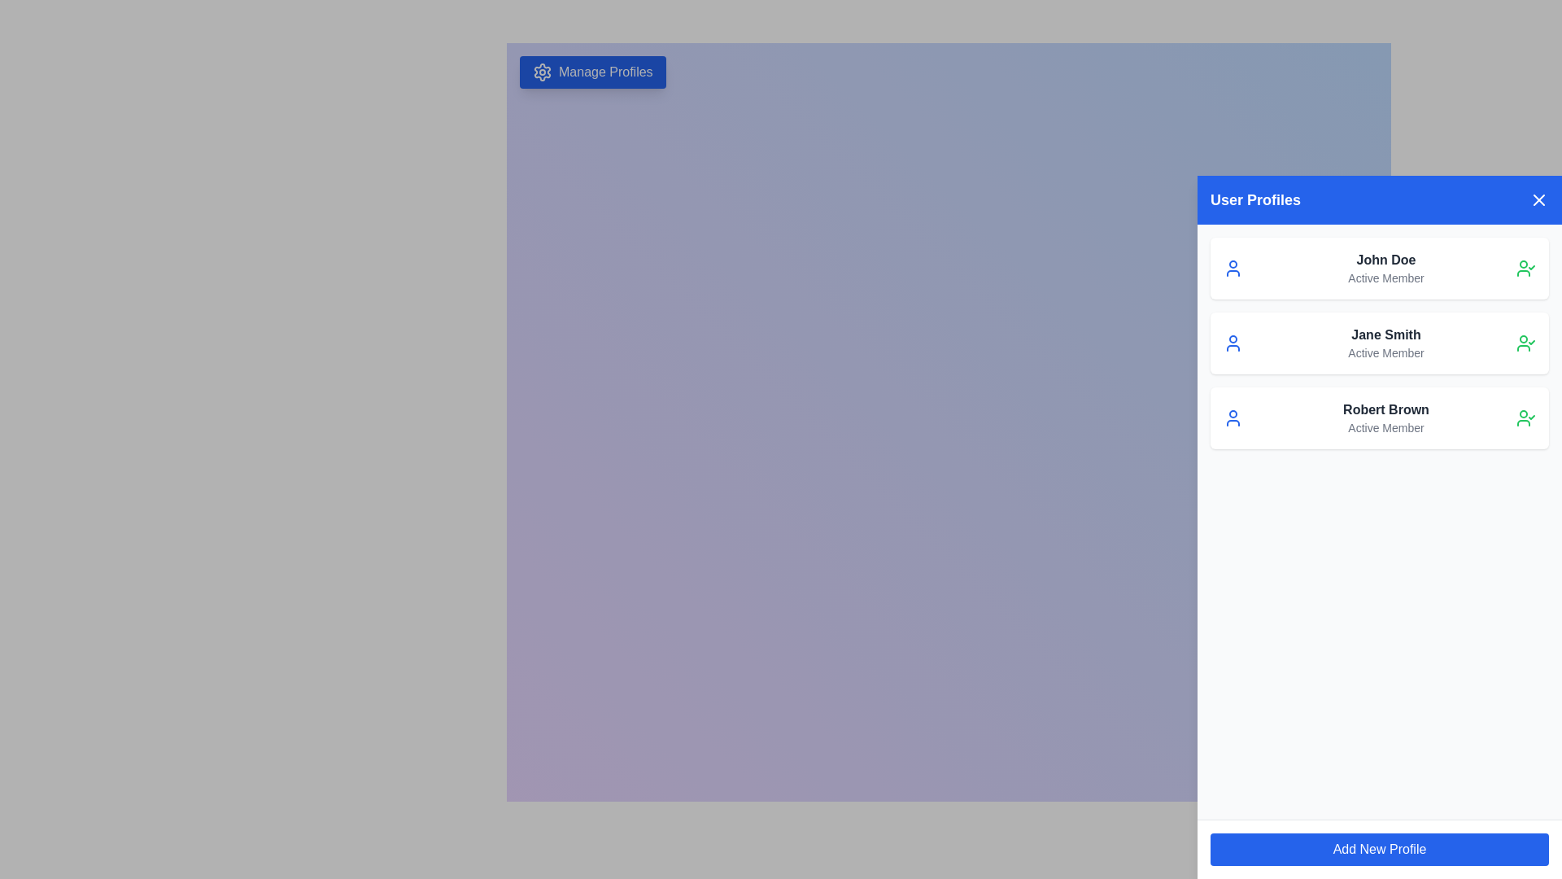 This screenshot has height=879, width=1562. Describe the element at coordinates (1378, 417) in the screenshot. I see `the user profile card displaying user information, located in the third position of the 'User Profiles' list` at that location.